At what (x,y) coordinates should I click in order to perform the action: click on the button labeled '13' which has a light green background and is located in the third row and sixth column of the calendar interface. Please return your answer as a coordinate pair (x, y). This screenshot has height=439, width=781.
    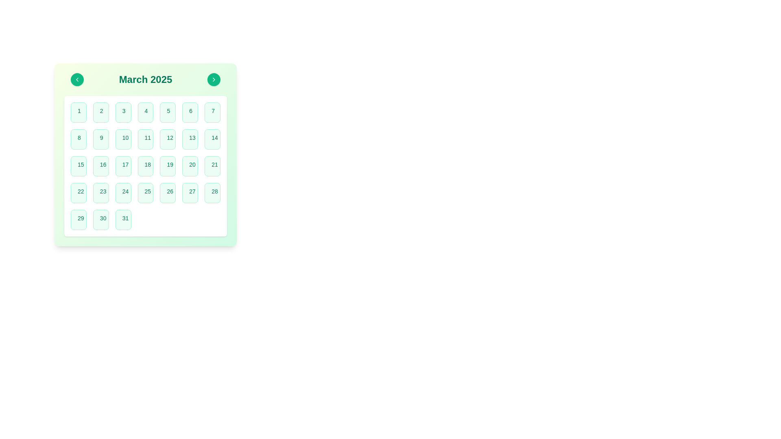
    Looking at the image, I should click on (190, 139).